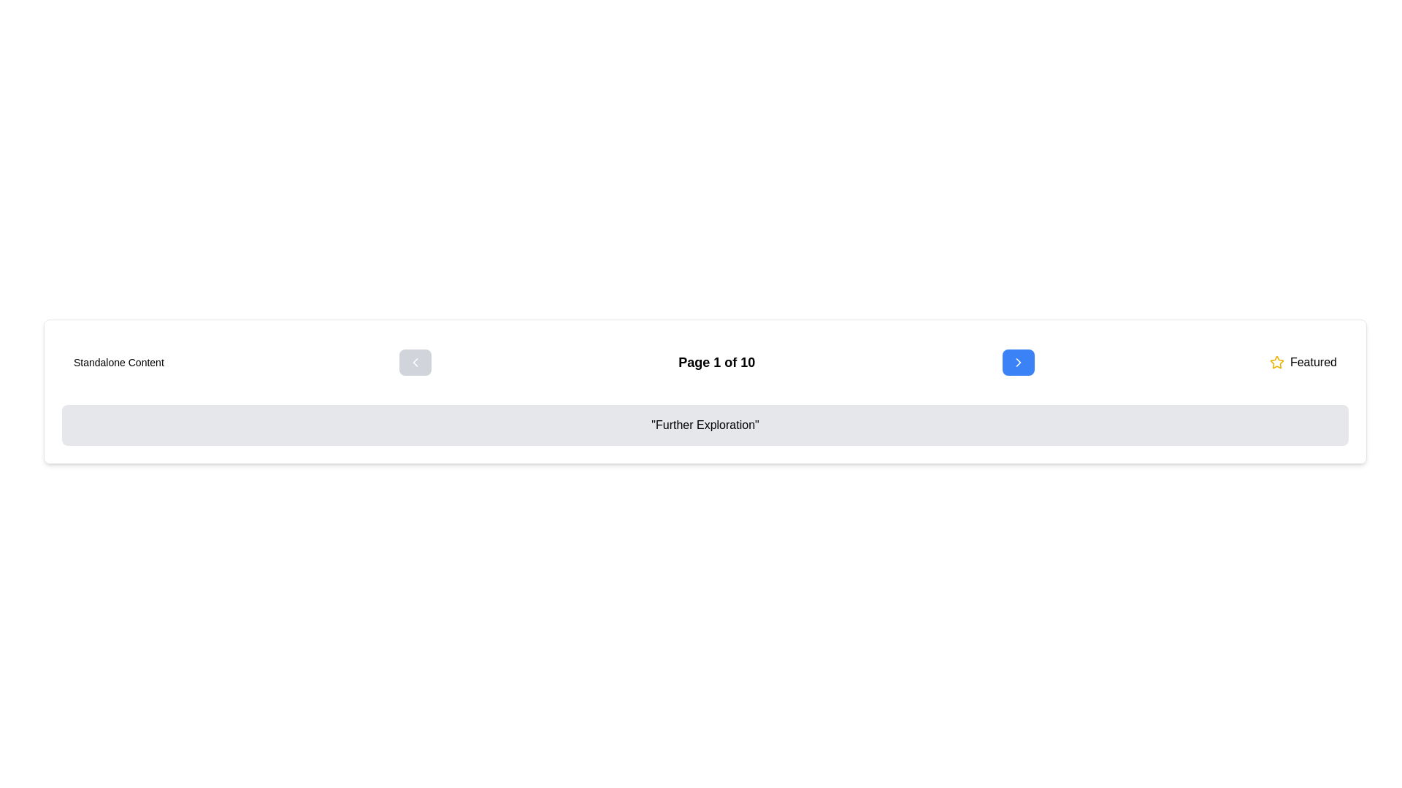 The width and height of the screenshot is (1402, 788). I want to click on the right-pointing chevron icon within the blue button, so click(1017, 362).